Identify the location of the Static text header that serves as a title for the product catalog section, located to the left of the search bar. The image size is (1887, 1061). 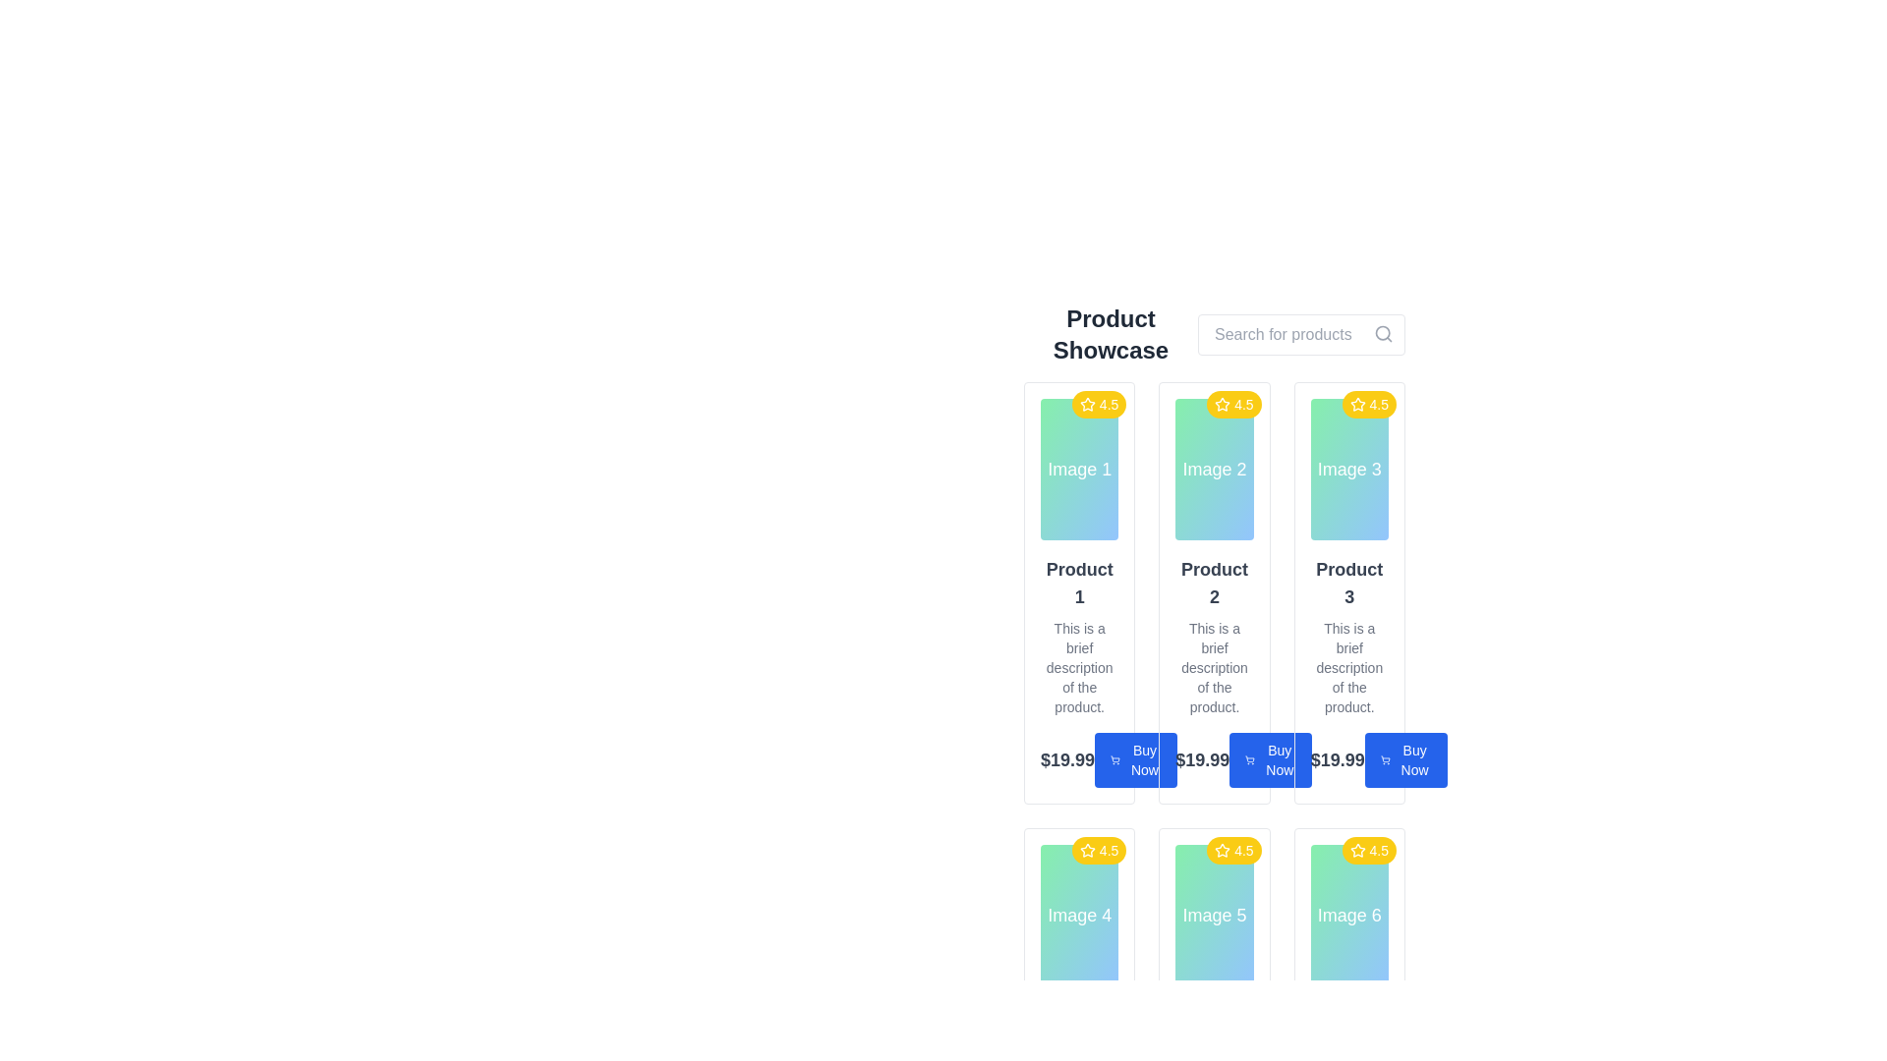
(1111, 333).